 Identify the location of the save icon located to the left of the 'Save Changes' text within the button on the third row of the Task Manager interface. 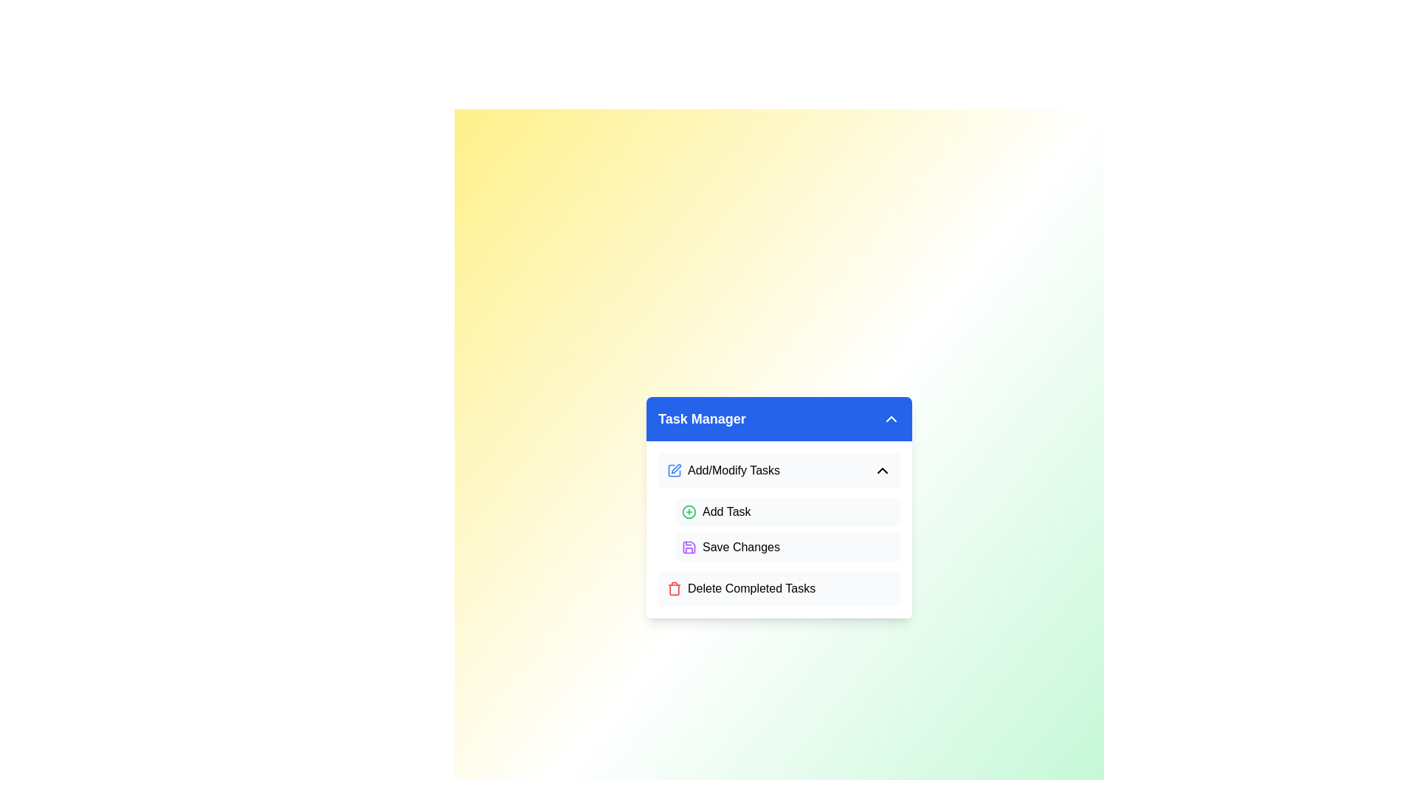
(689, 547).